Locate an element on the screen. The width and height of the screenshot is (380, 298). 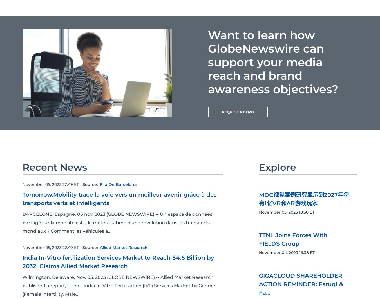
'MDC视觉案例研究显示到2027年将有1亿VR和AR游戏玩家' is located at coordinates (304, 199).